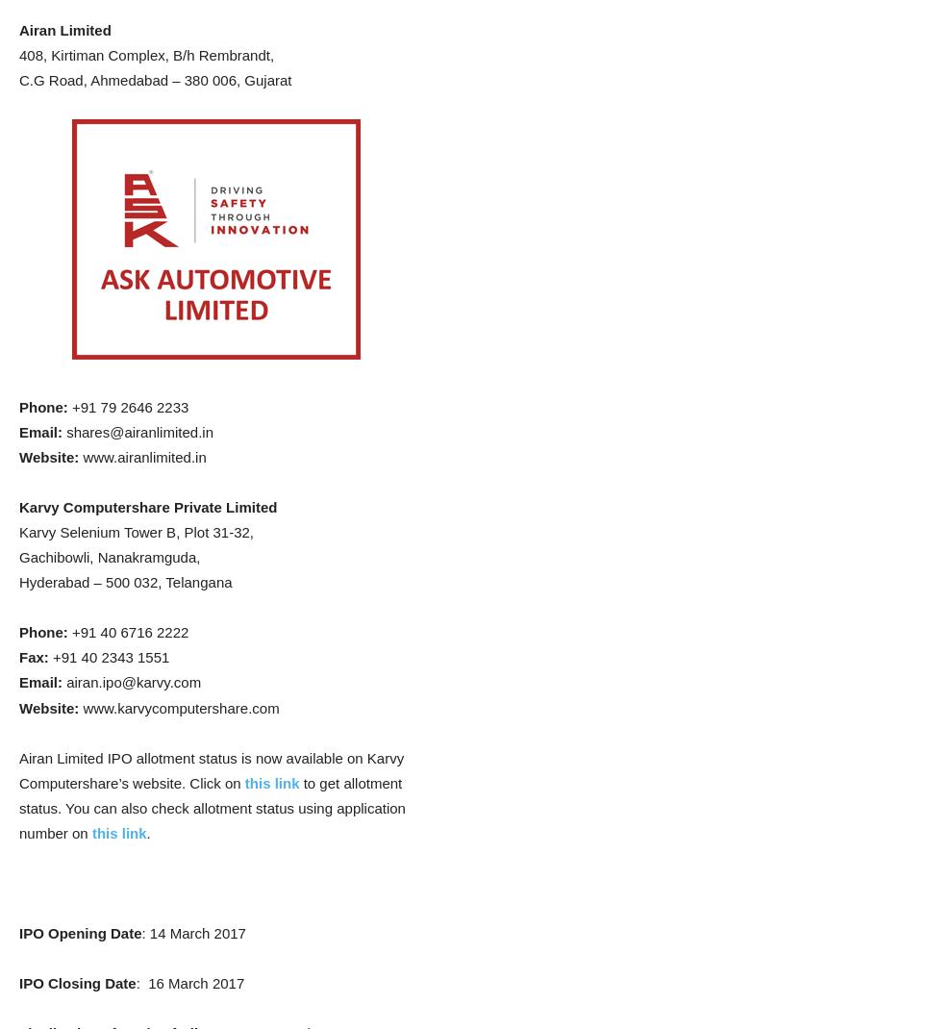 Image resolution: width=952 pixels, height=1029 pixels. What do you see at coordinates (124, 581) in the screenshot?
I see `'Hyderabad – 500 032, Telangana'` at bounding box center [124, 581].